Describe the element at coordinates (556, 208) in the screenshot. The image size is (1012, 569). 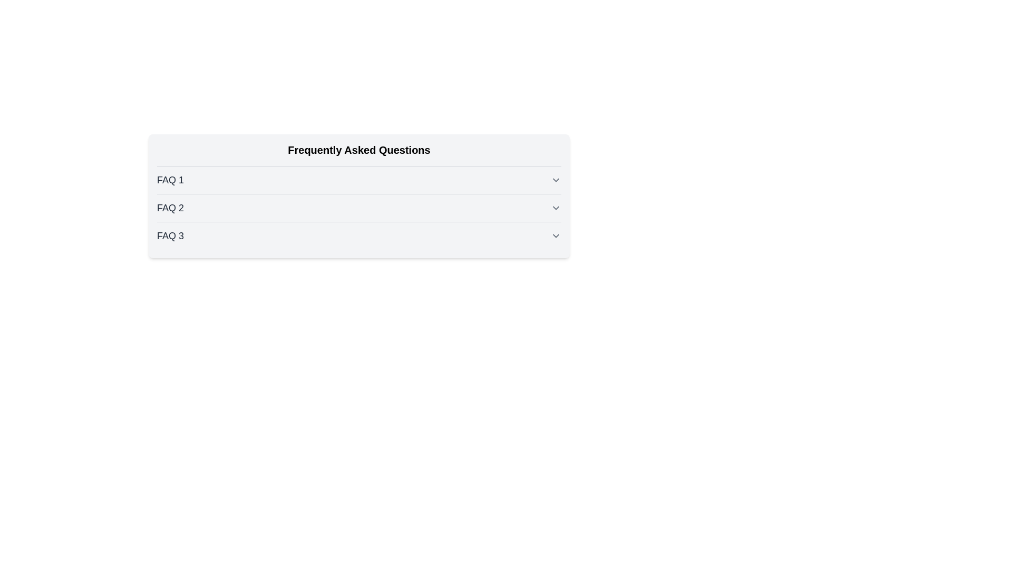
I see `the gray chevron-down icon located at the right end of the 'FAQ 2' row` at that location.